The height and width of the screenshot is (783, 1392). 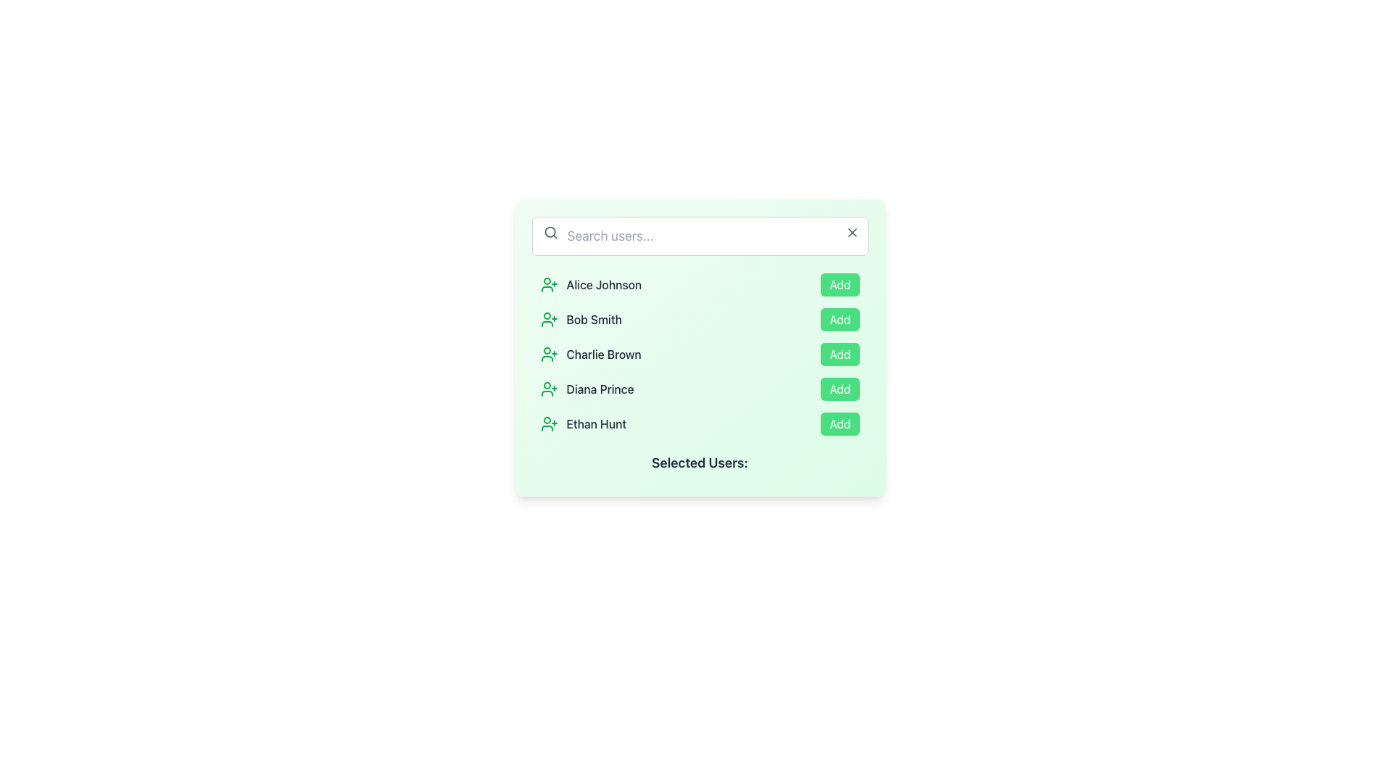 I want to click on the text label identifying the user 'Bob Smith' in the second row of the user list, so click(x=594, y=318).